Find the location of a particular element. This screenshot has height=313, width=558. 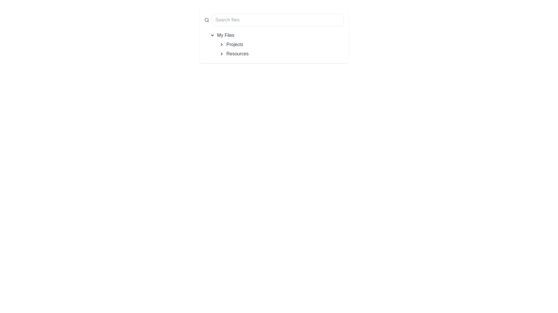

the 'Projects' label, which is the first entry in the list below the 'My Files' header is located at coordinates (235, 44).